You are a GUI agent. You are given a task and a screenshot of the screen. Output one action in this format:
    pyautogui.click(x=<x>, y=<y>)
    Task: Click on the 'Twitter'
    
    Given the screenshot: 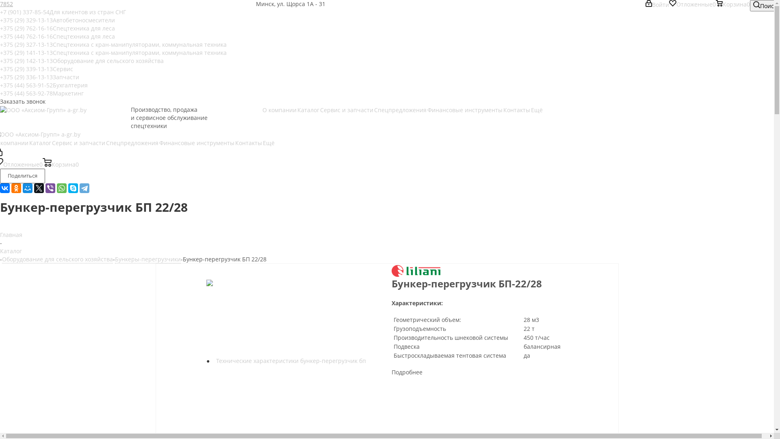 What is the action you would take?
    pyautogui.click(x=33, y=188)
    